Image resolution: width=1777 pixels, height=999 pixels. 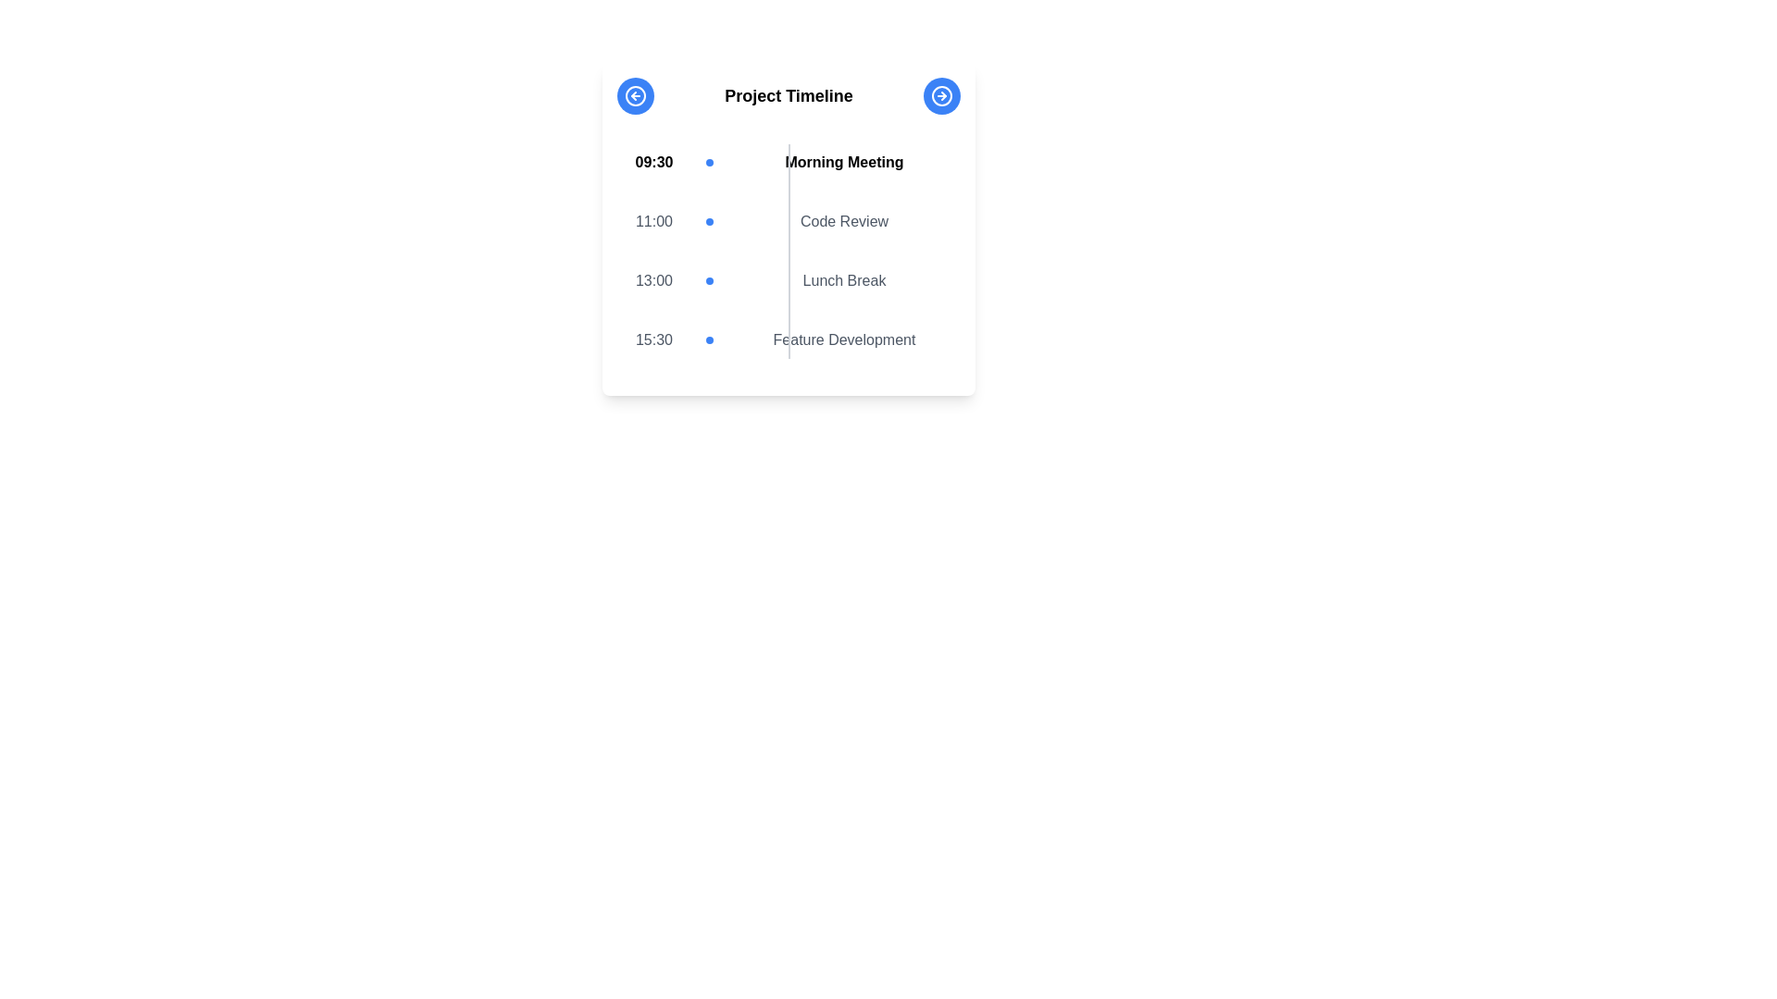 What do you see at coordinates (789, 162) in the screenshot?
I see `the first timeline event entry labeled '09:30 Morning Meeting'` at bounding box center [789, 162].